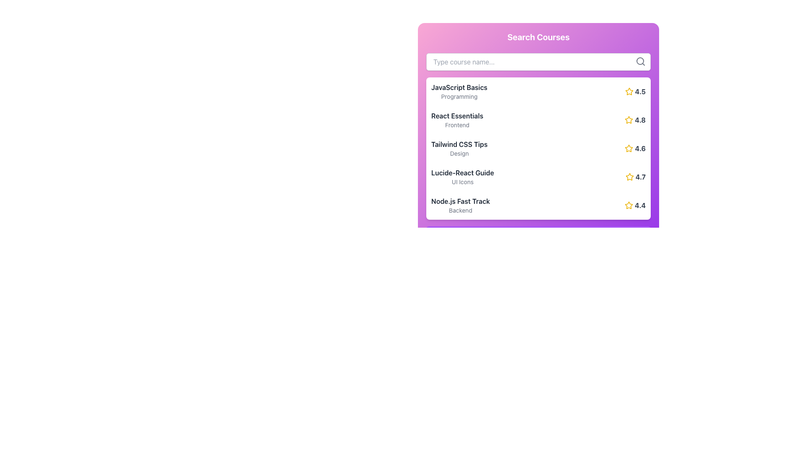 This screenshot has height=452, width=804. I want to click on the second list item representing a selectable course option located below 'JavaScript Basics' and above 'Tailwind CSS Tips' in a panel with a gradient purple background, so click(539, 120).